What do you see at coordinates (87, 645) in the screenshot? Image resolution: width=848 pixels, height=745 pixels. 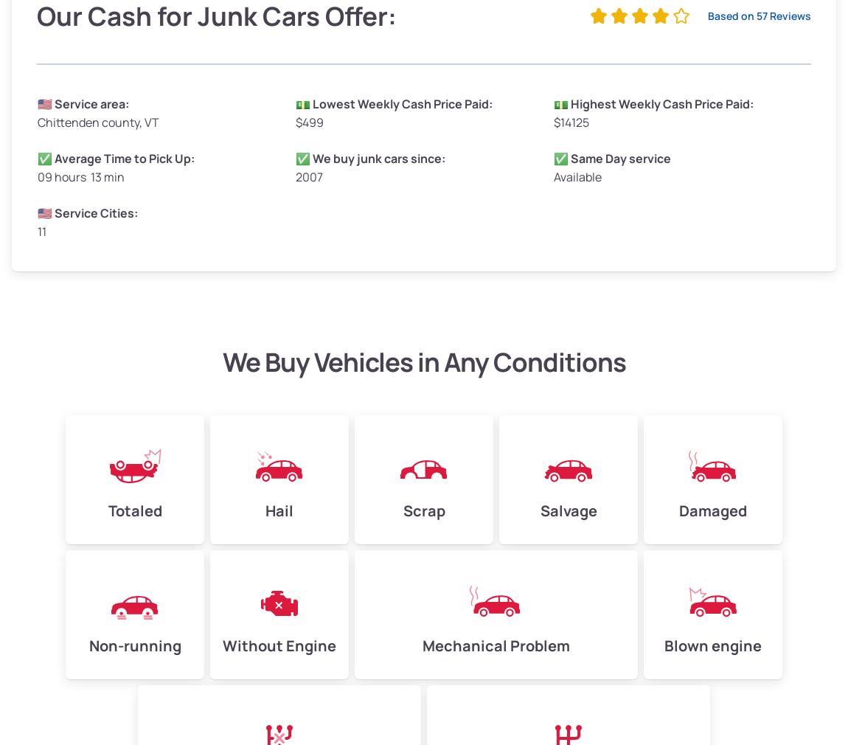 I see `'Non-running'` at bounding box center [87, 645].